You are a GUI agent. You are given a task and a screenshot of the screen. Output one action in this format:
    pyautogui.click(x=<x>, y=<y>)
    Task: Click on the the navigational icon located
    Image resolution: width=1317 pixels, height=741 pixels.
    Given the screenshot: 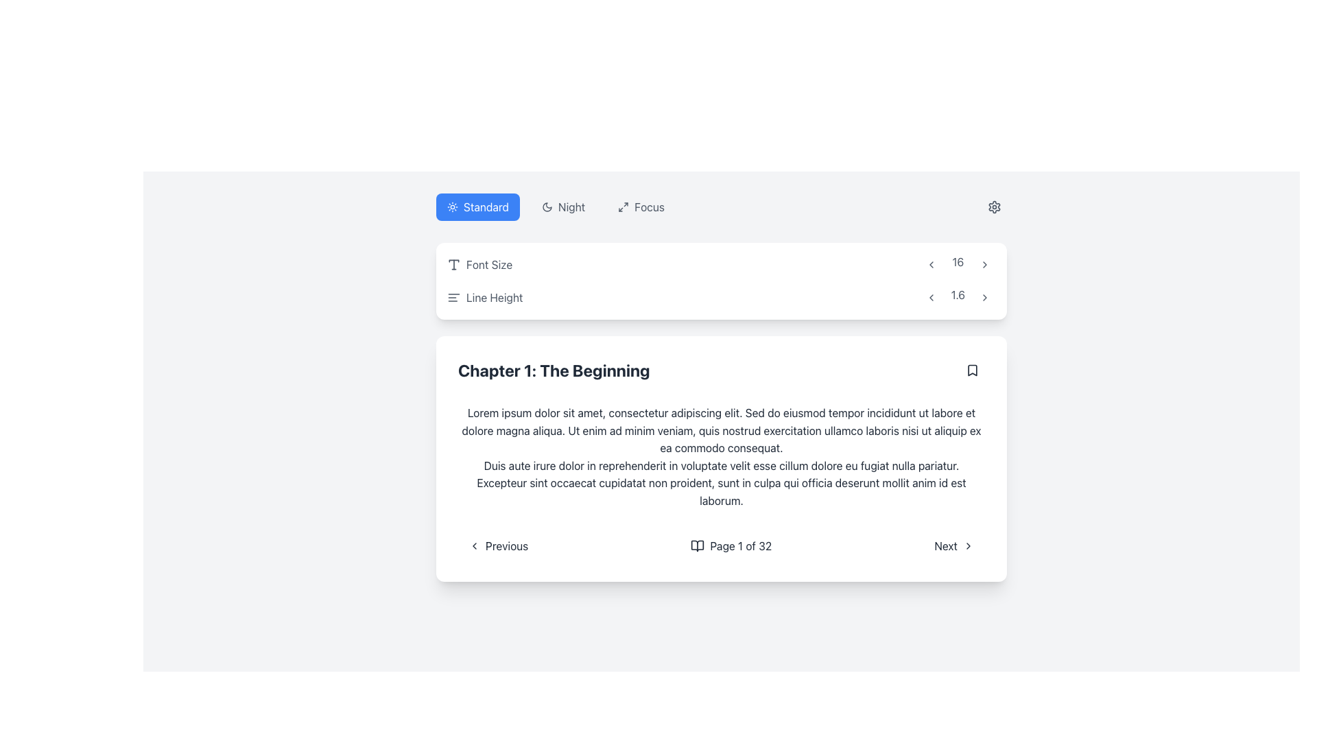 What is the action you would take?
    pyautogui.click(x=474, y=544)
    